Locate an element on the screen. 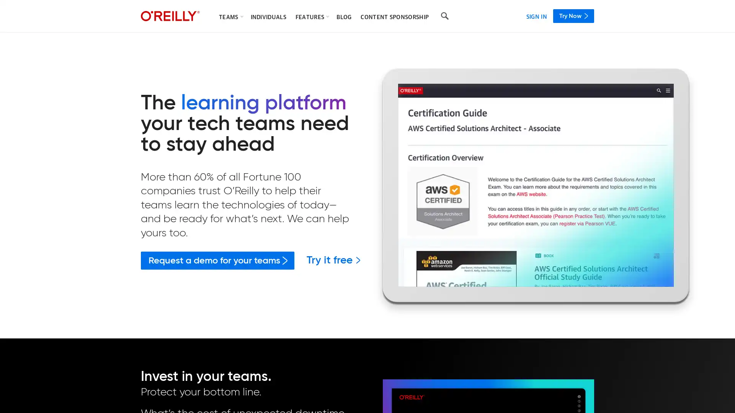 The width and height of the screenshot is (735, 413). Search is located at coordinates (444, 16).